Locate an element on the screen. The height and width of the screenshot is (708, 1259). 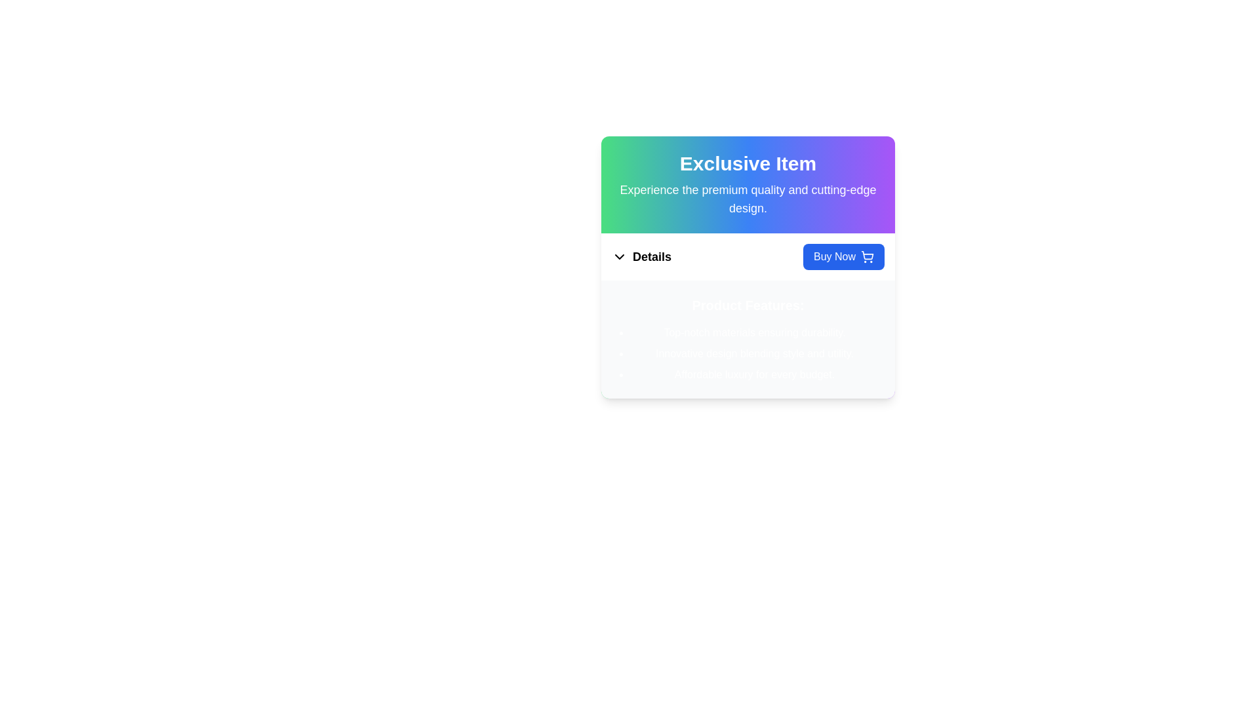
or tab onto the shopping cart icon located to the right of the 'Buy Now' button is located at coordinates (868, 257).